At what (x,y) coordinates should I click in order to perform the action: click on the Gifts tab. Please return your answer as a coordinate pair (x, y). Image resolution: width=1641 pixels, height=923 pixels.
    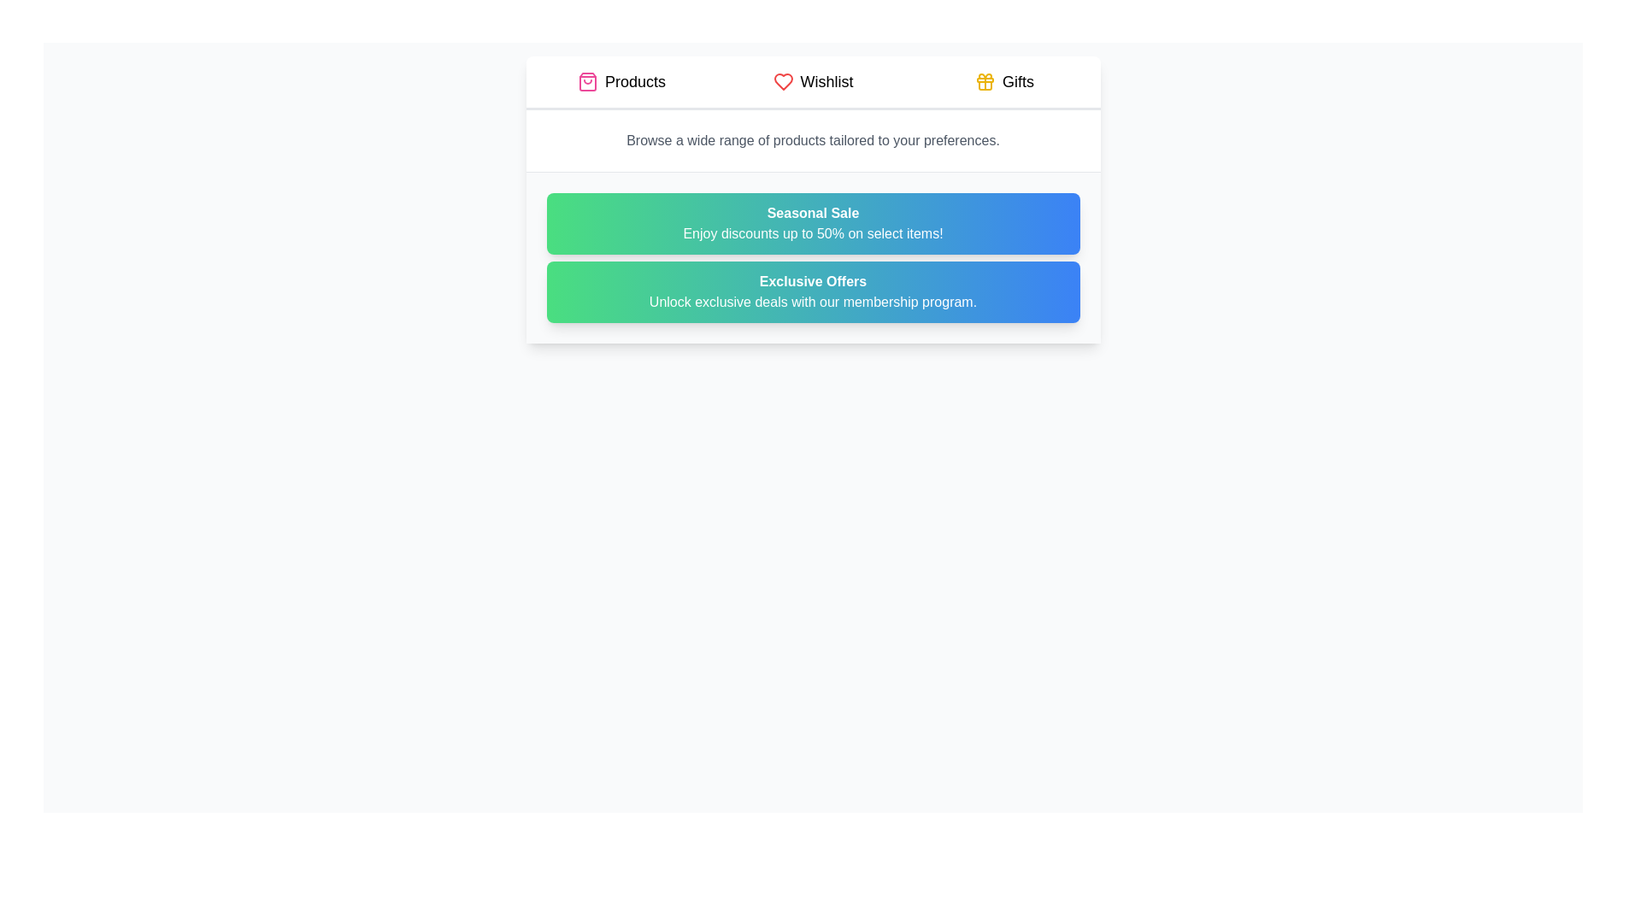
    Looking at the image, I should click on (1004, 82).